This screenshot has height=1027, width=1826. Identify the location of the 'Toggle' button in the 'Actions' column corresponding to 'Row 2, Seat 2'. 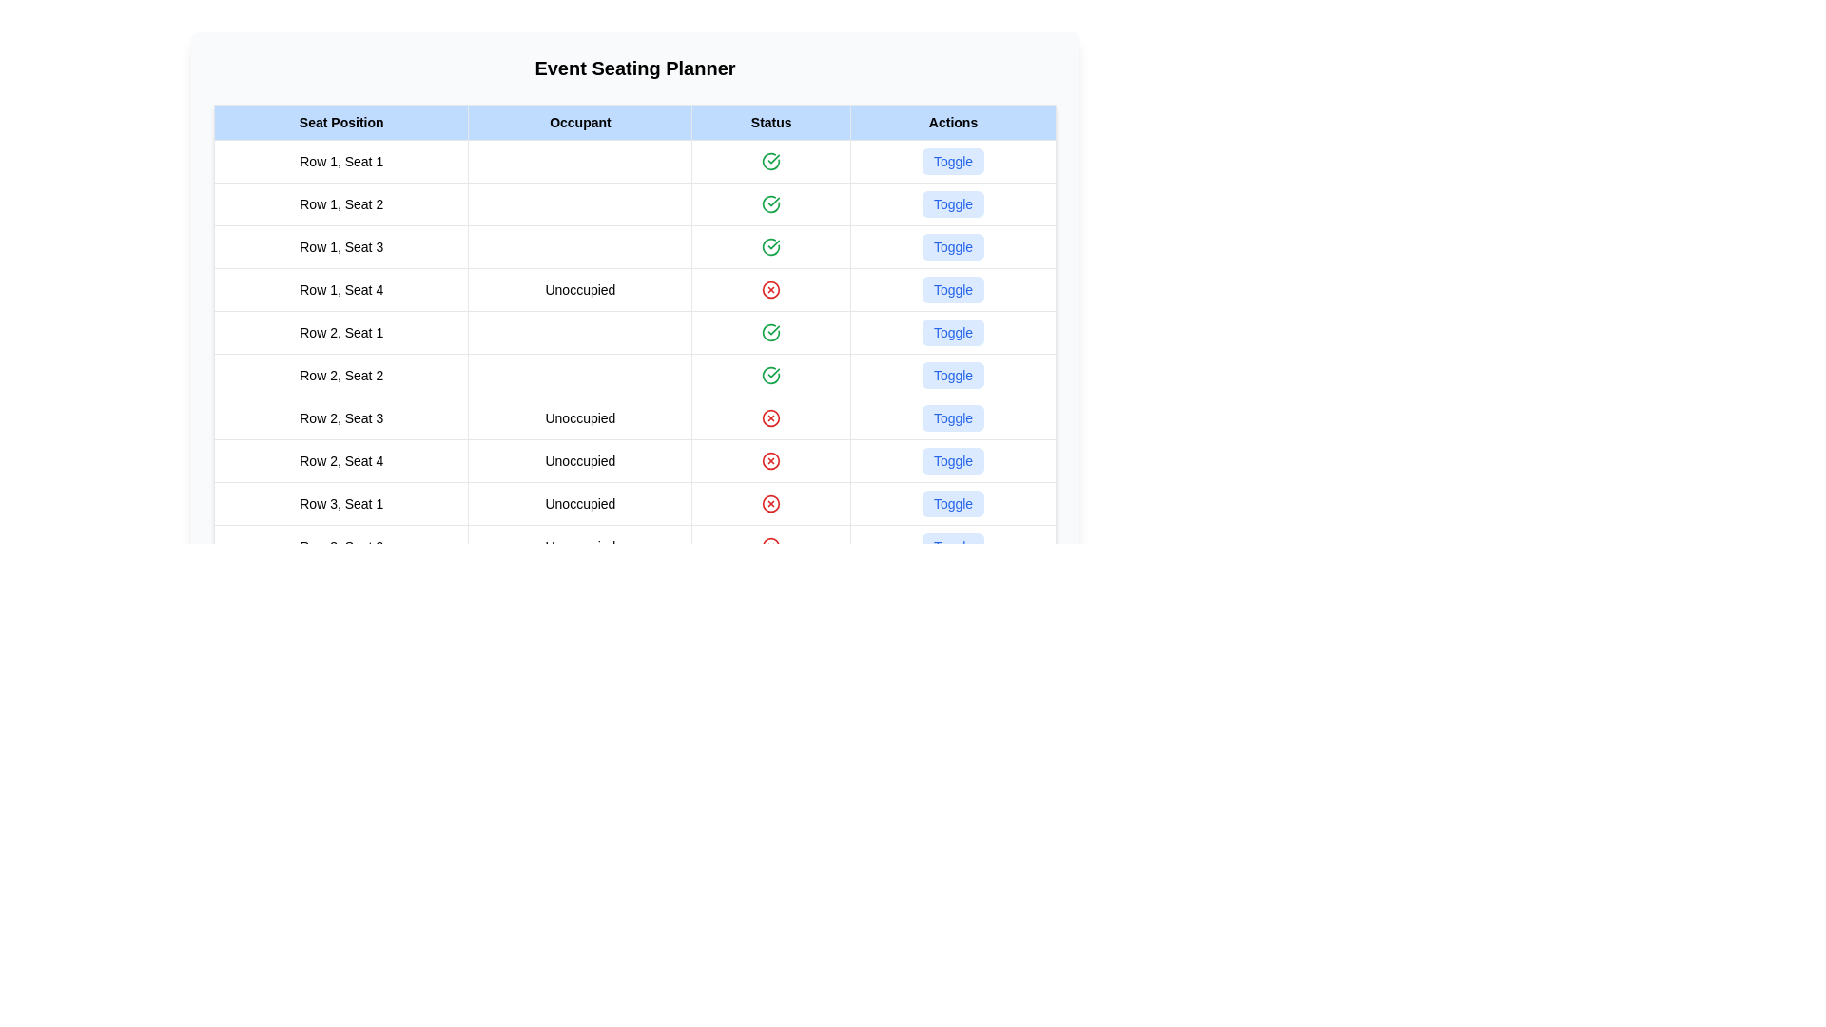
(953, 375).